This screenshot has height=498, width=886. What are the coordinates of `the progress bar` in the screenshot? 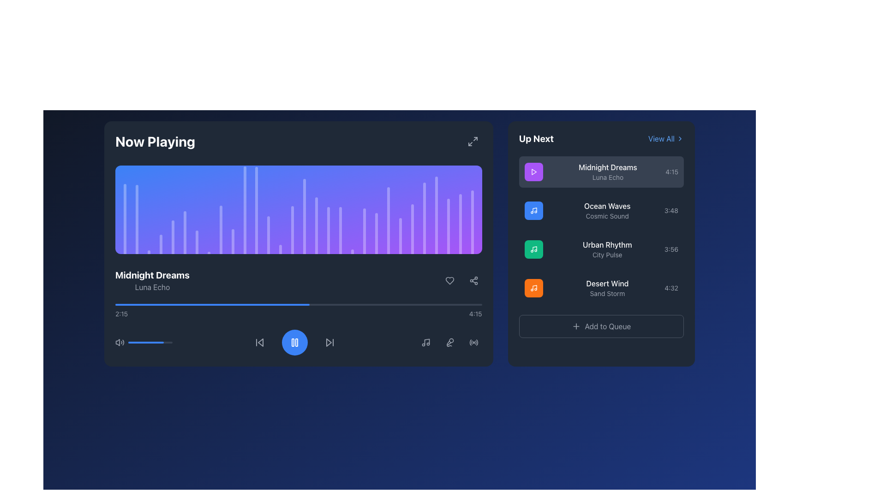 It's located at (415, 304).